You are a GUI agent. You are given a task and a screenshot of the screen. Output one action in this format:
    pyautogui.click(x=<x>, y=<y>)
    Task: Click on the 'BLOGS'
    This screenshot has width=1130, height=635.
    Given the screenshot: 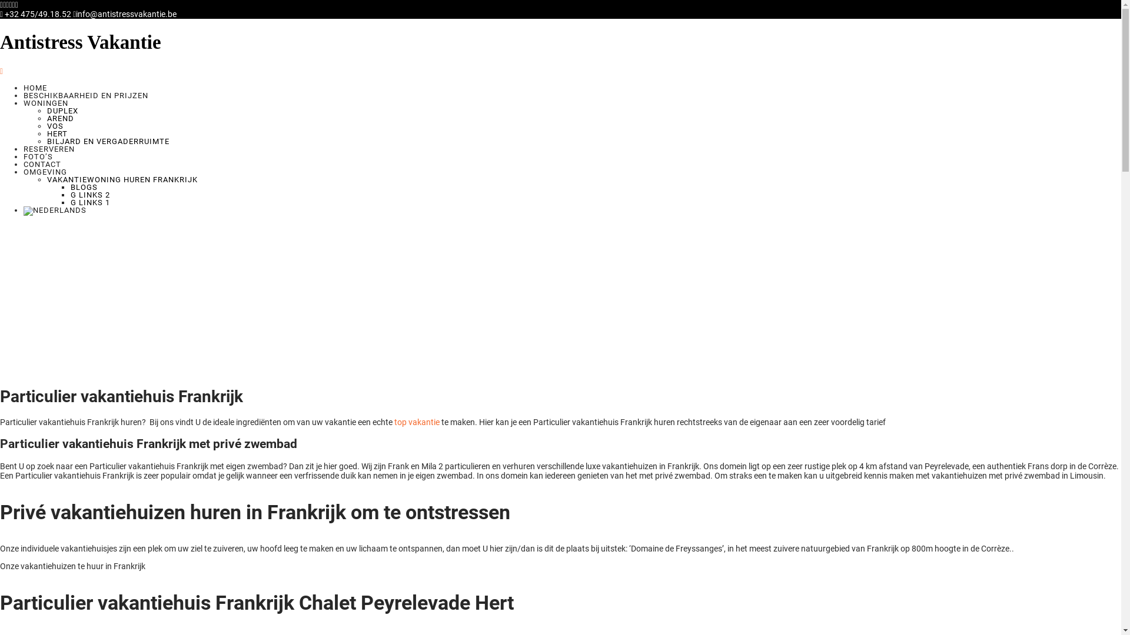 What is the action you would take?
    pyautogui.click(x=84, y=186)
    